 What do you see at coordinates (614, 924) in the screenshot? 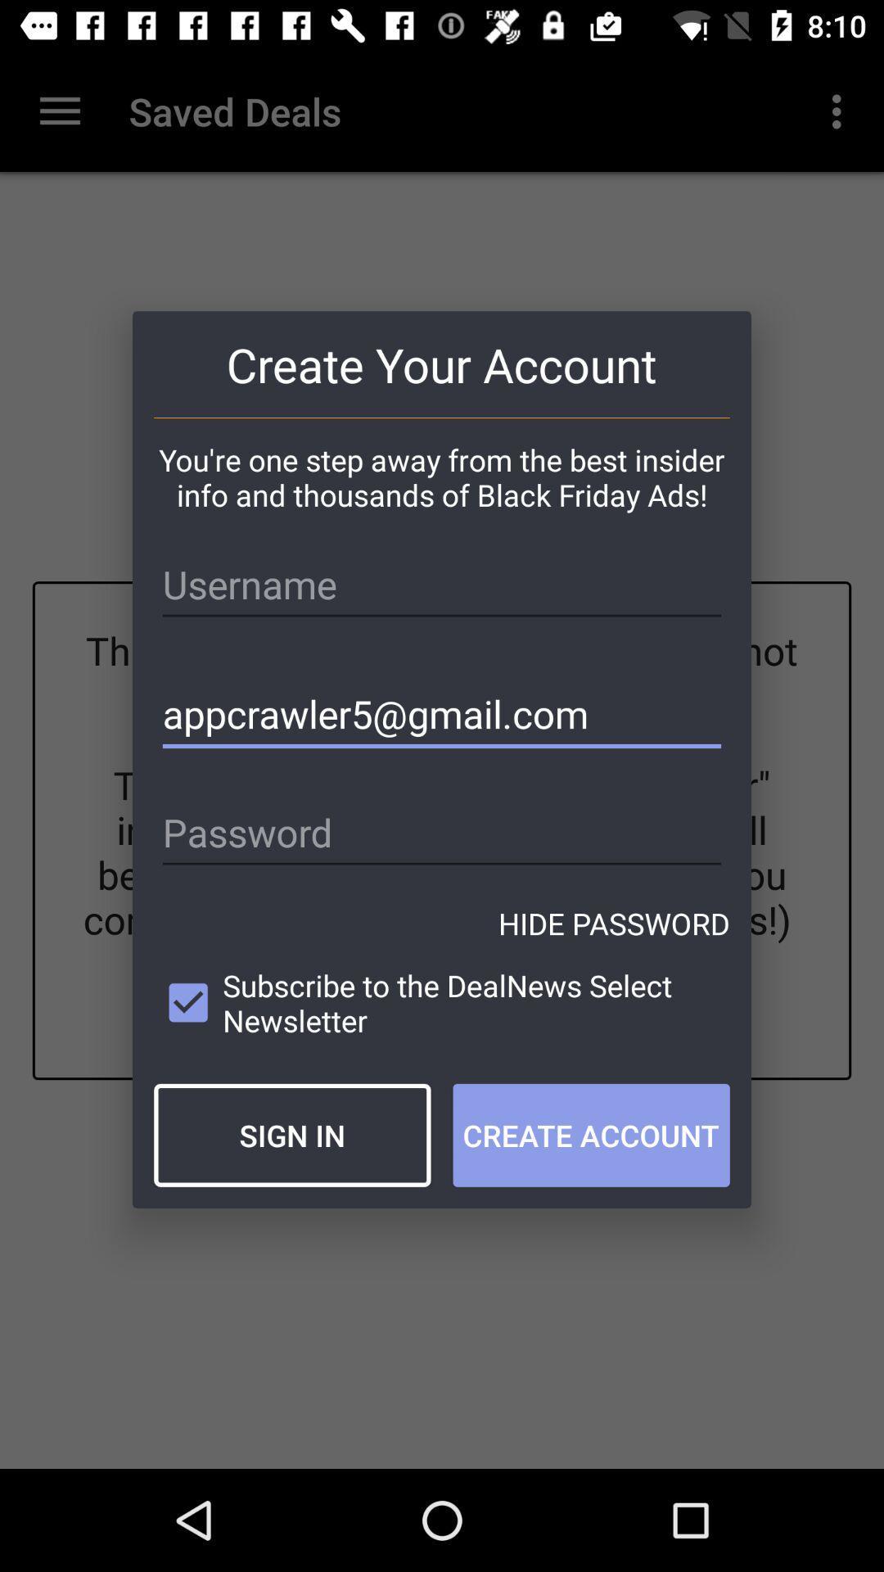
I see `the hide password item` at bounding box center [614, 924].